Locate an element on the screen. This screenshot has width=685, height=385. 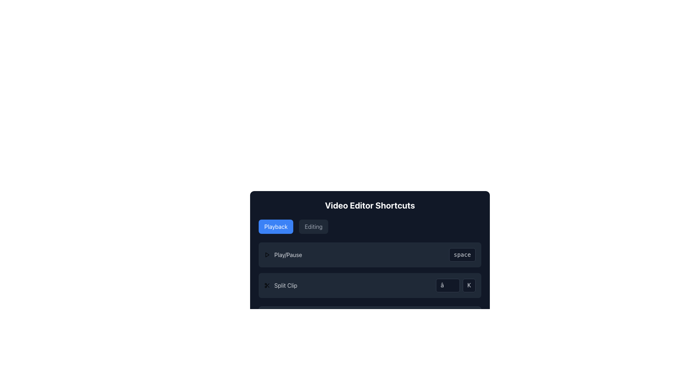
the 'Playback' button, which is a rectangular button with rounded corners, styled with a blue background and white text, located in the top-left corner of a horizontal group of two buttons is located at coordinates (275, 227).